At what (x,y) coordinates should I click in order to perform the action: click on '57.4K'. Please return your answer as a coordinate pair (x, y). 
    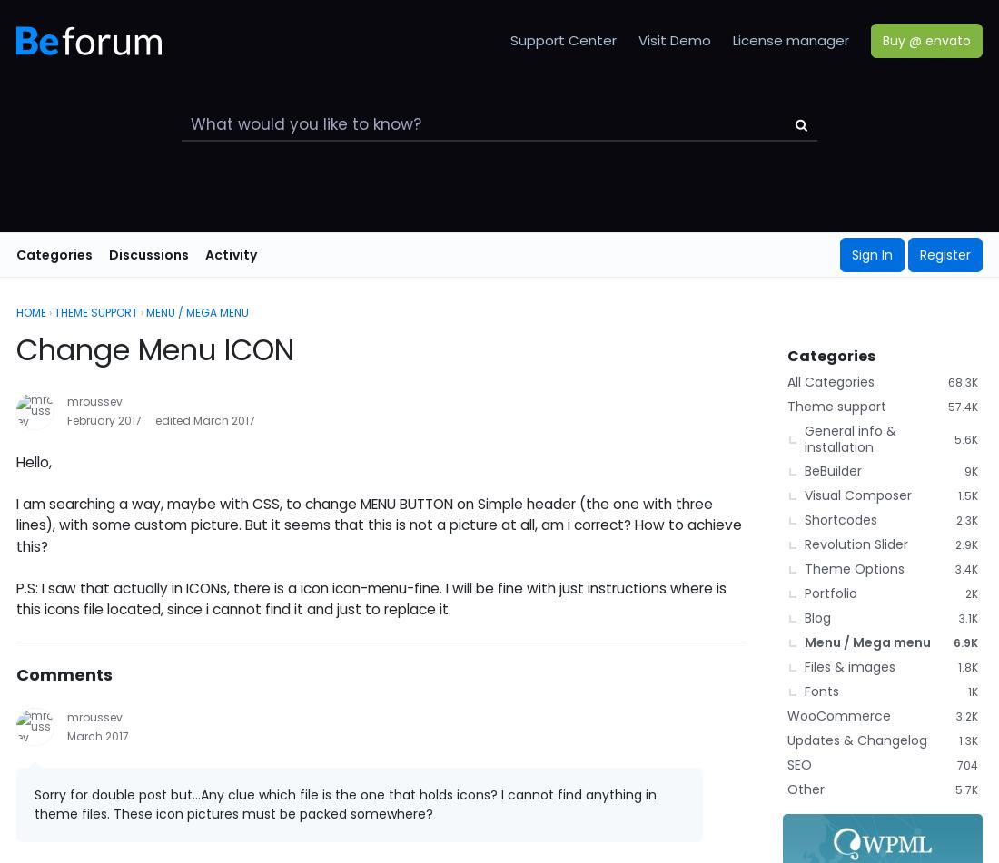
    Looking at the image, I should click on (963, 407).